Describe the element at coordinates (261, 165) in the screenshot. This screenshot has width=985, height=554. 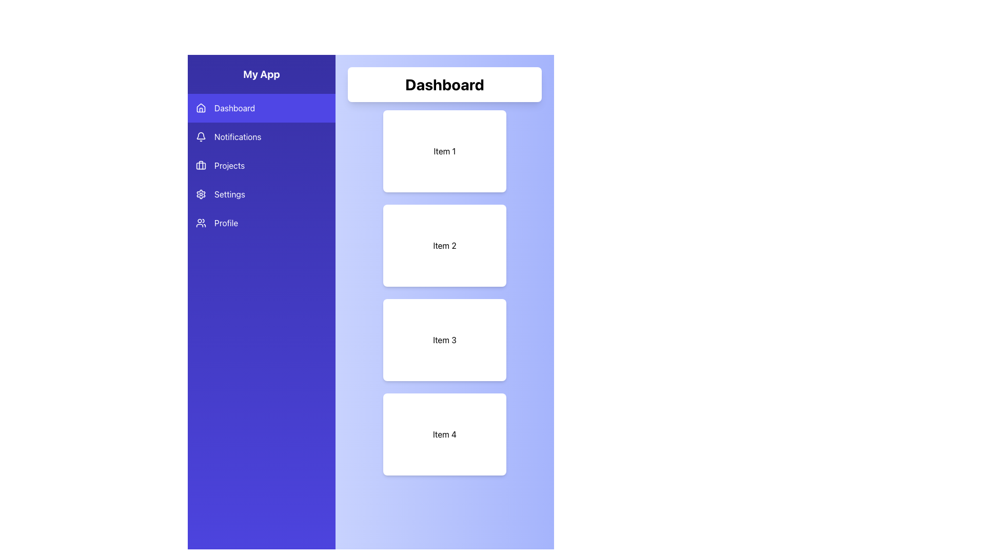
I see `the 'Projects' navigation link, which is the third item in the vertical sidebar` at that location.